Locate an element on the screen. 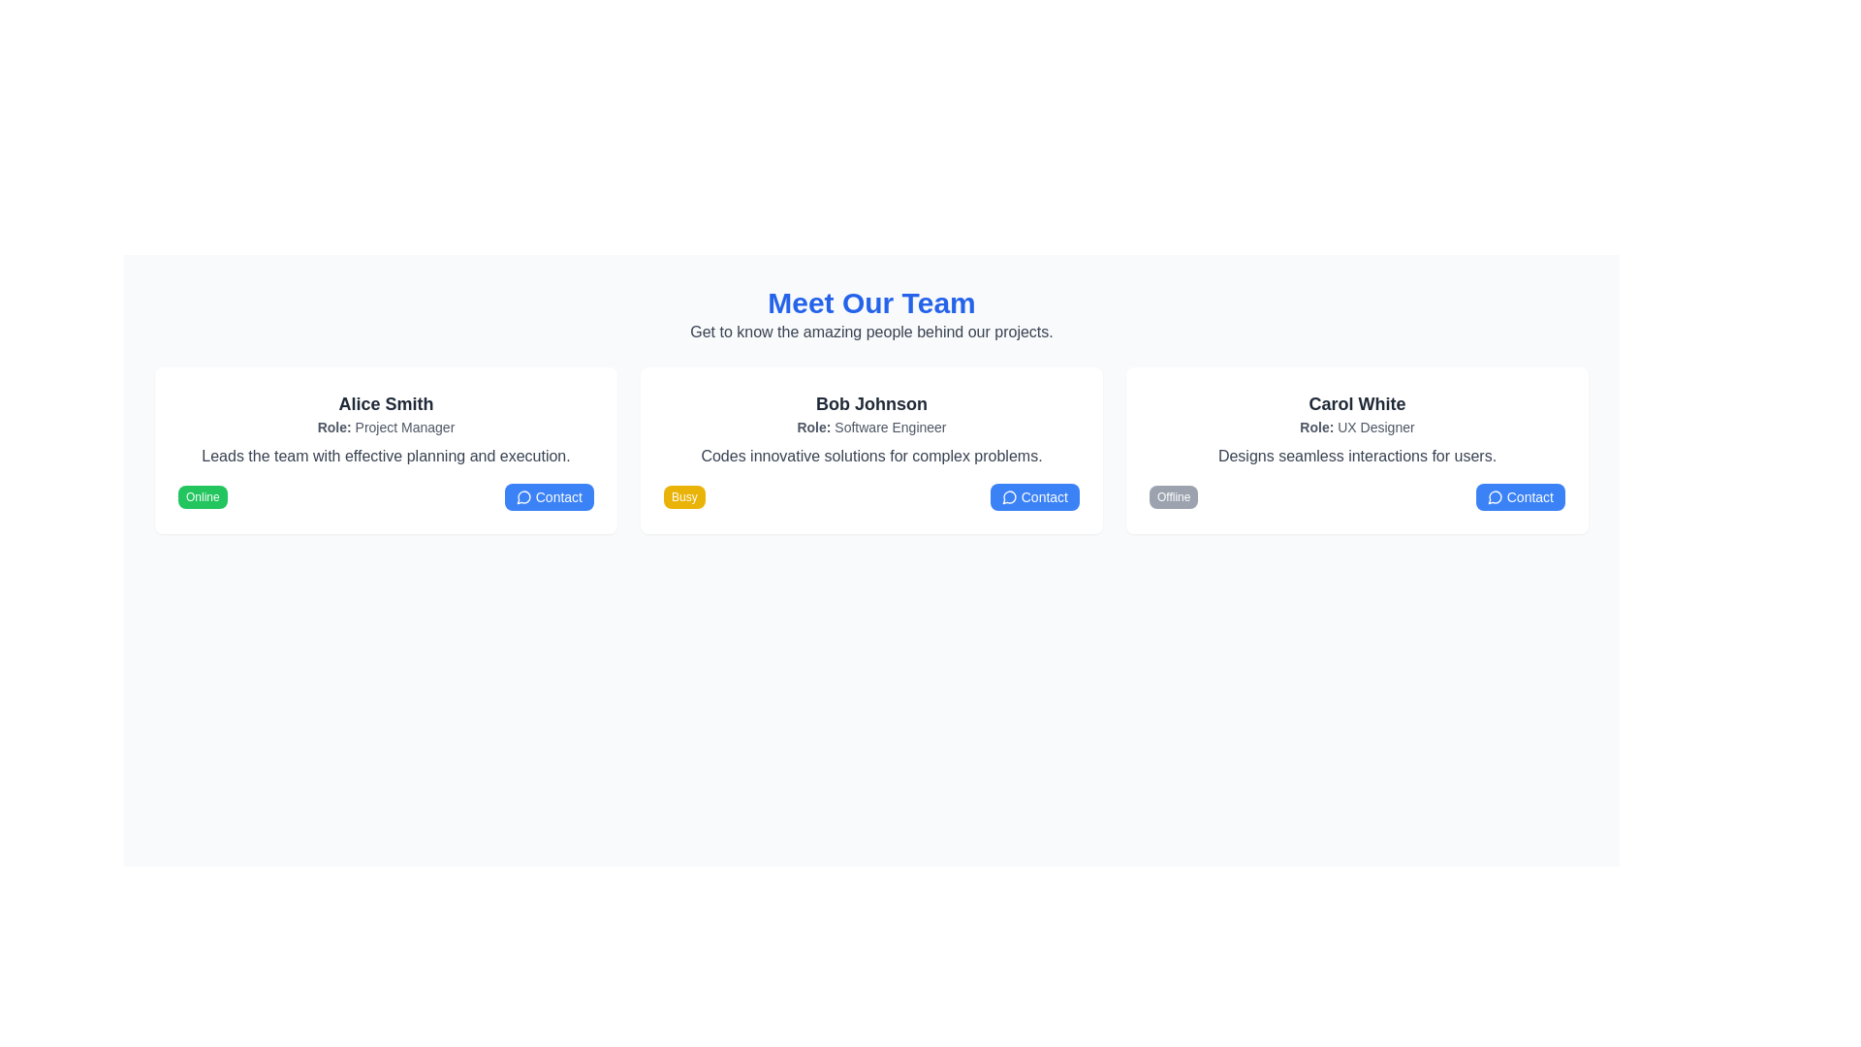  displayed text of the heading element styled as 'Meet Our Team', which is a large, bold, blue, uppercased header text positioned centrally at the top of its section is located at coordinates (870, 302).